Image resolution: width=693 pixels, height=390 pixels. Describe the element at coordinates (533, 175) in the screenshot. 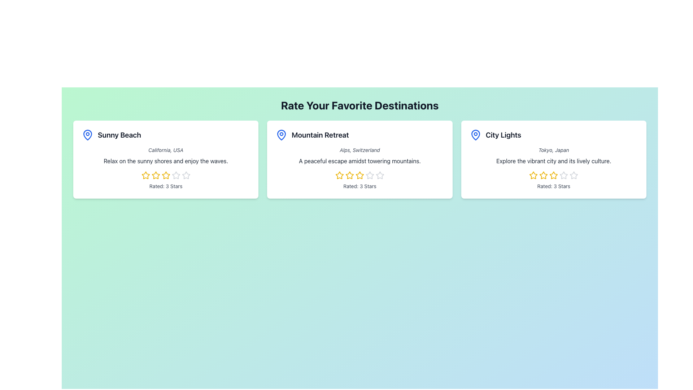

I see `the first star icon in the 'City Lights' card under the 'Rate Your Favorite Destinations' section to select a rating` at that location.